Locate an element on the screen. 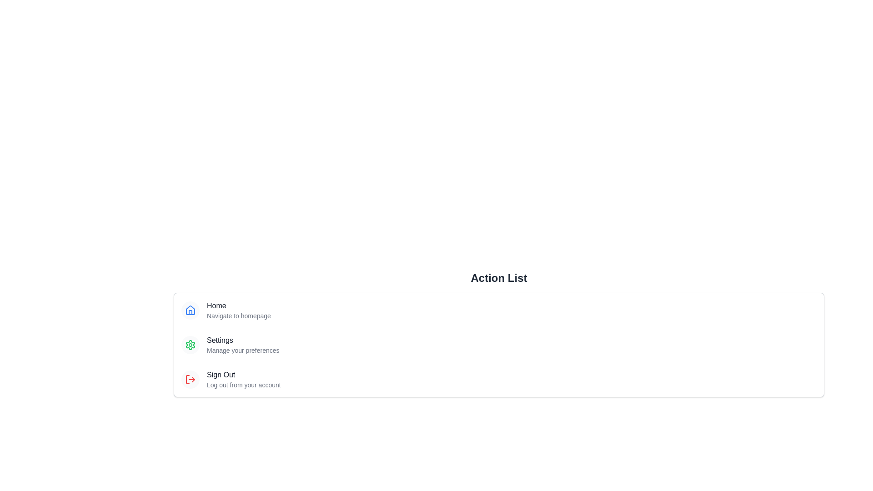 Image resolution: width=873 pixels, height=491 pixels. the 'Settings' icon located to the left of the 'Settings' text in the second list item of a vertical list of options is located at coordinates (190, 345).